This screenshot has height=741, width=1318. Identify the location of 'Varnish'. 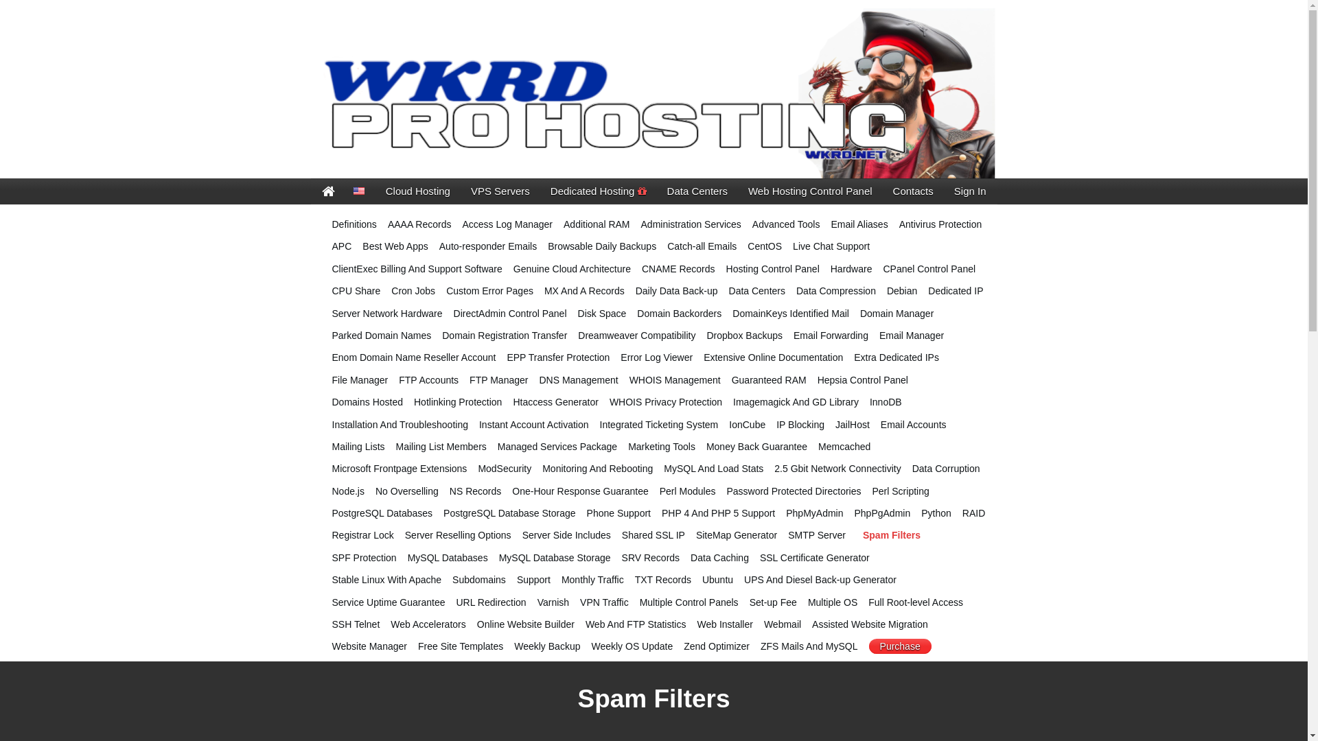
(553, 602).